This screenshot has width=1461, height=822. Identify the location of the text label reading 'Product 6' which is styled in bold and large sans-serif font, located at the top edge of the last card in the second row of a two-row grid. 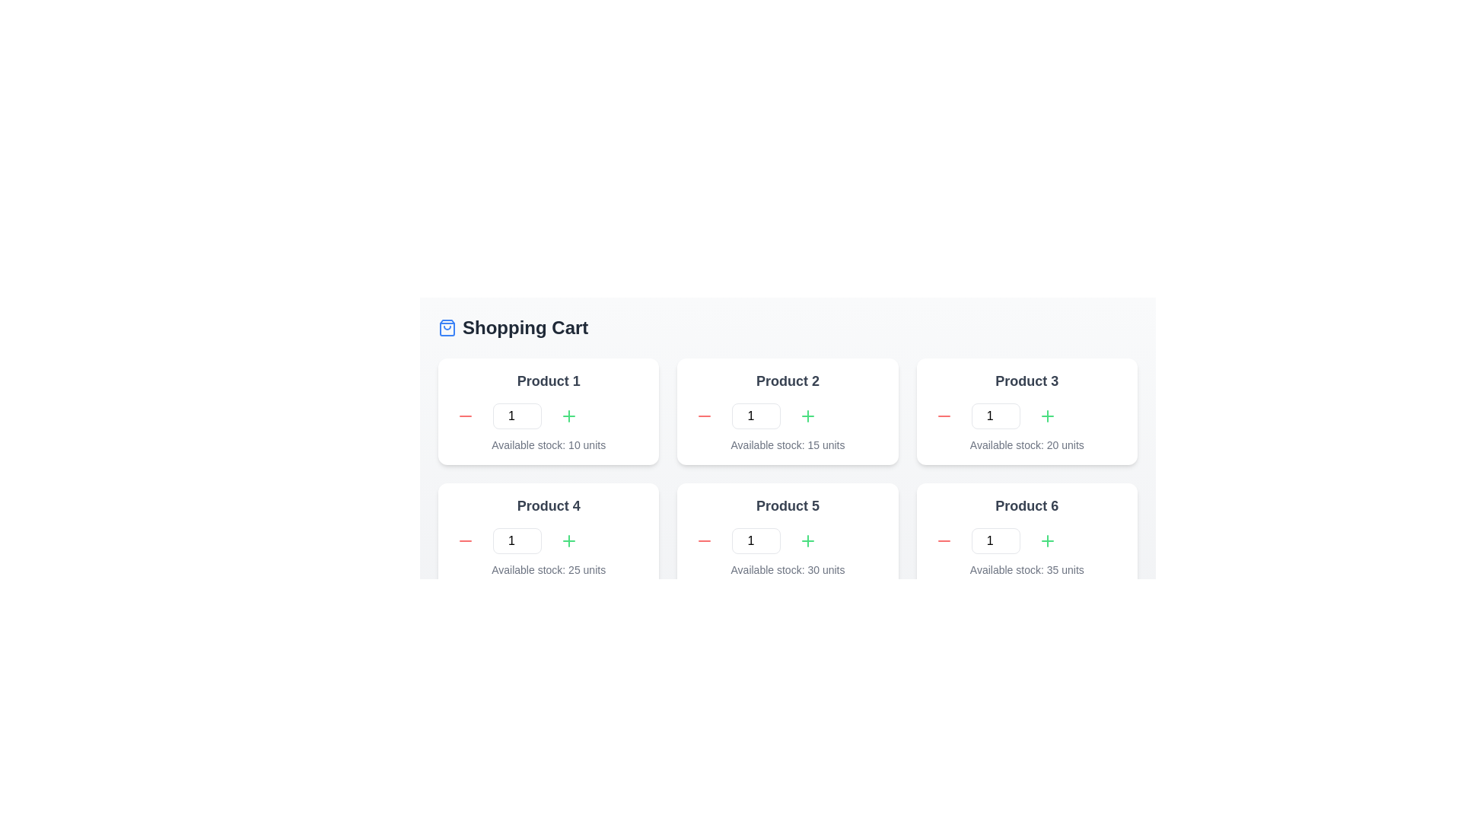
(1027, 505).